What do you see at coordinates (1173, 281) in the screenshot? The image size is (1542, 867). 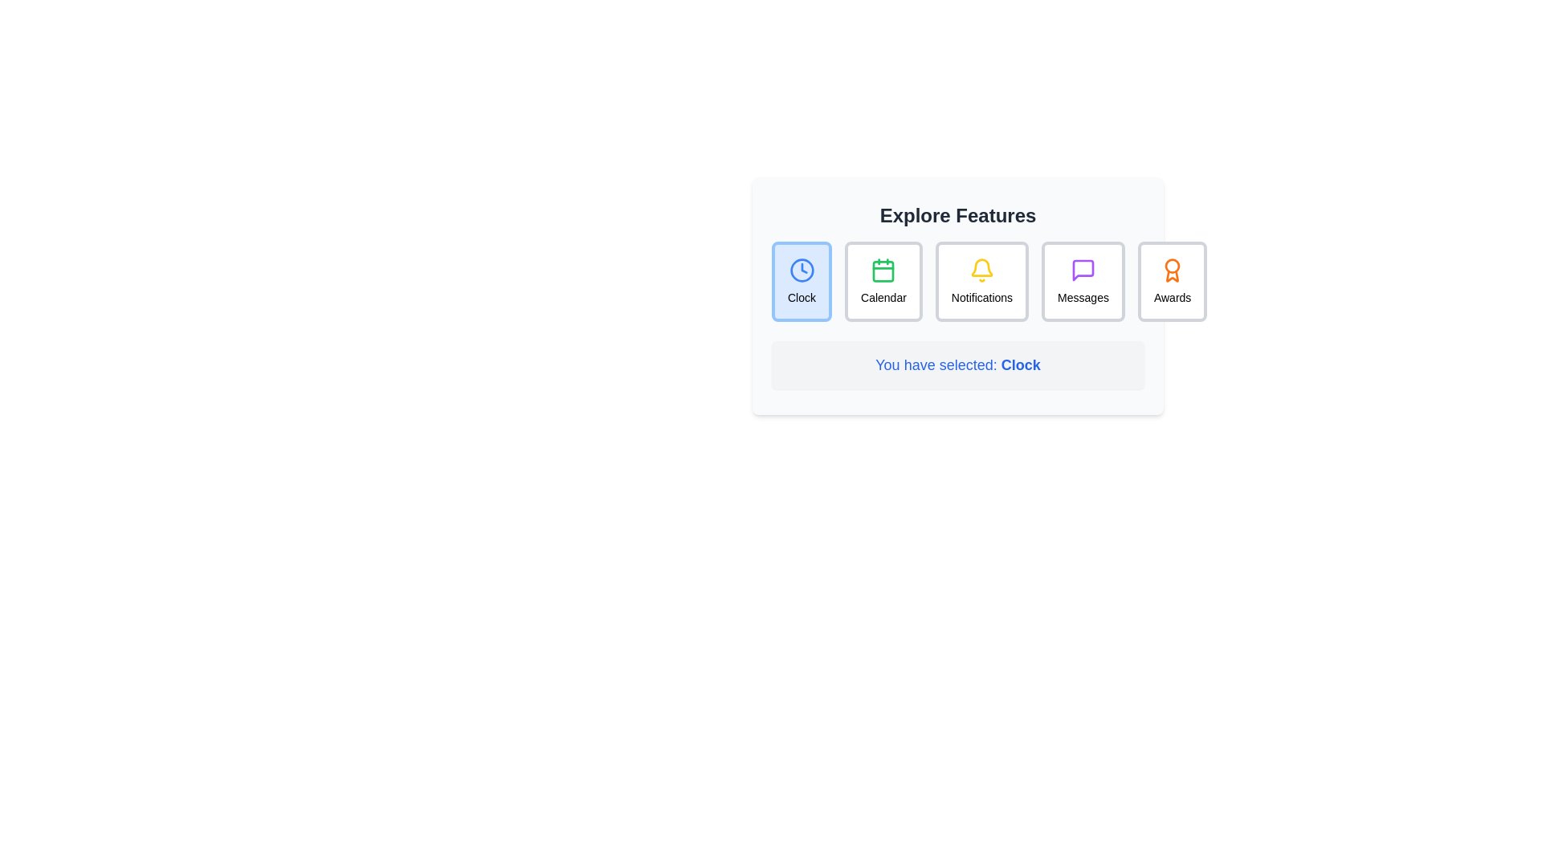 I see `the 'Awards' button, which is the fifth button in the 'Explore Features' toolbar` at bounding box center [1173, 281].